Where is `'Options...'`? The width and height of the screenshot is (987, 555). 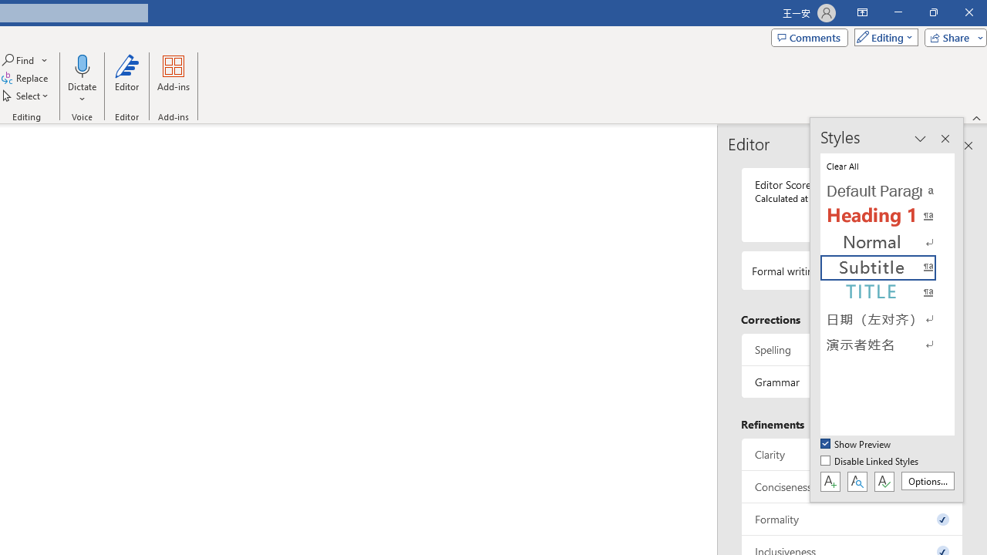
'Options...' is located at coordinates (927, 479).